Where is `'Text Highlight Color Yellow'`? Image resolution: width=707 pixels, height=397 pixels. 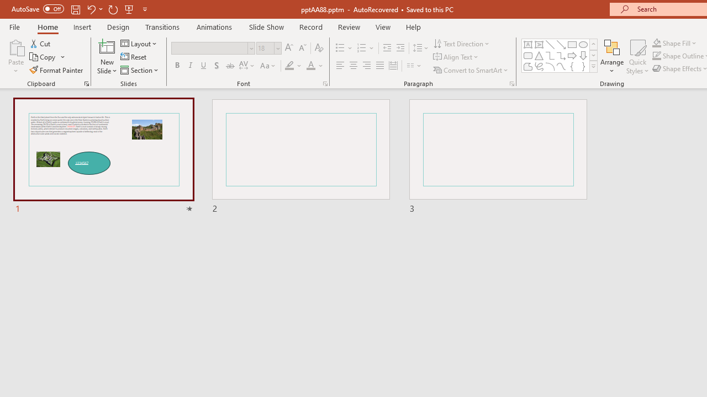
'Text Highlight Color Yellow' is located at coordinates (289, 66).